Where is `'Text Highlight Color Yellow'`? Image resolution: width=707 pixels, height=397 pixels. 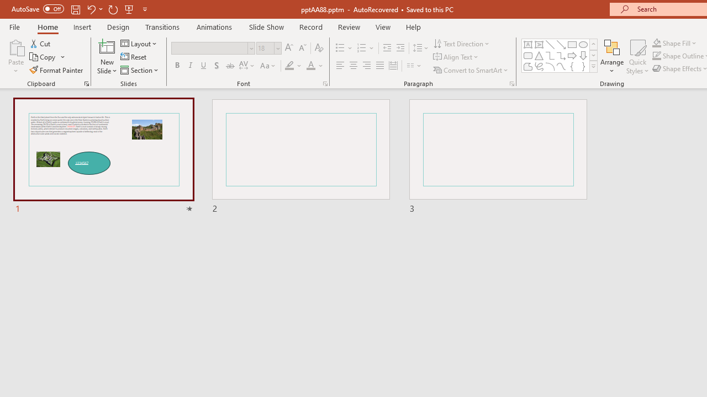
'Text Highlight Color Yellow' is located at coordinates (289, 66).